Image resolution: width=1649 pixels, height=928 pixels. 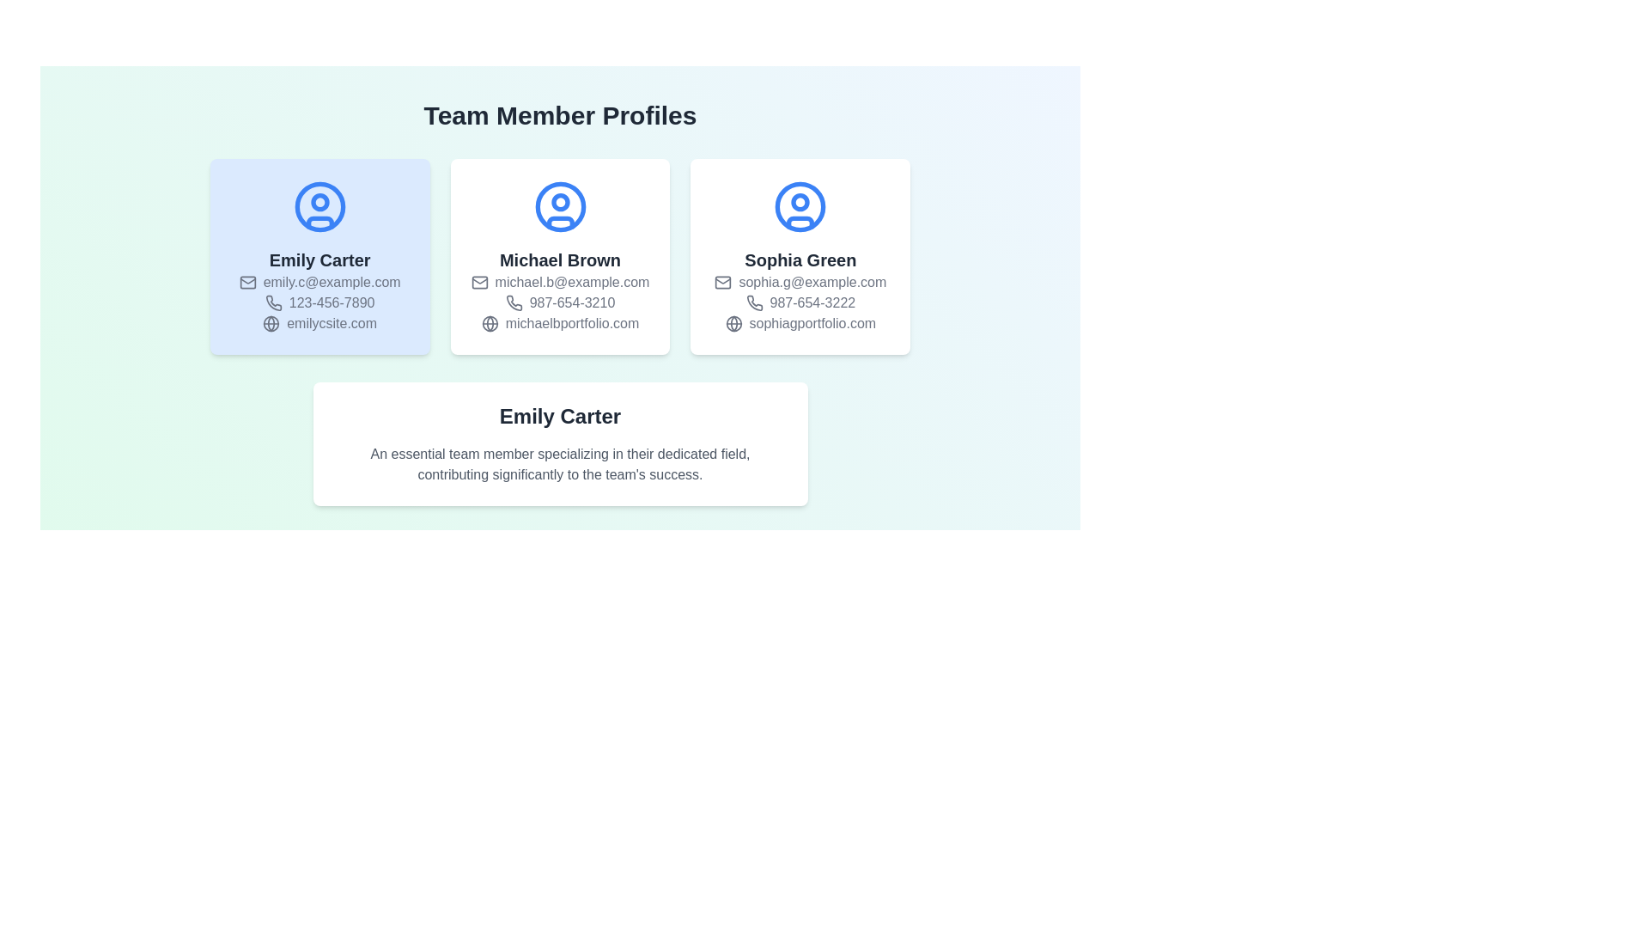 I want to click on the decorative circle SVG element within the profile icon of 'Sophia Green' located above the associated text content, so click(x=800, y=201).